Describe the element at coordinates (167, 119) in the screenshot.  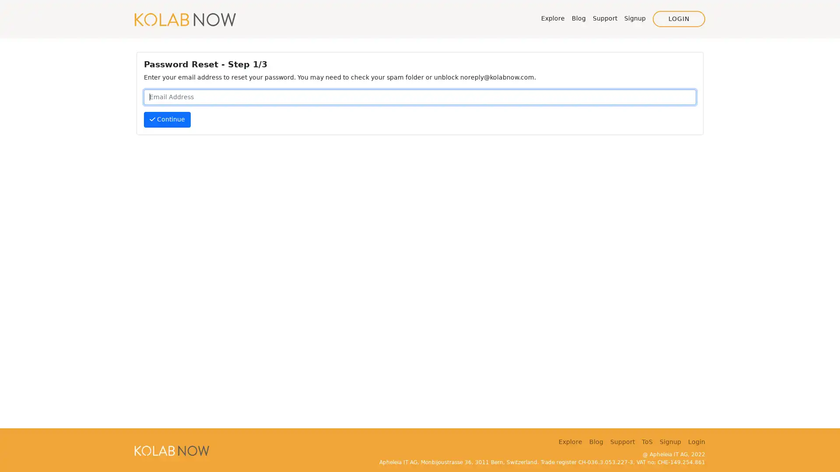
I see `Continue` at that location.